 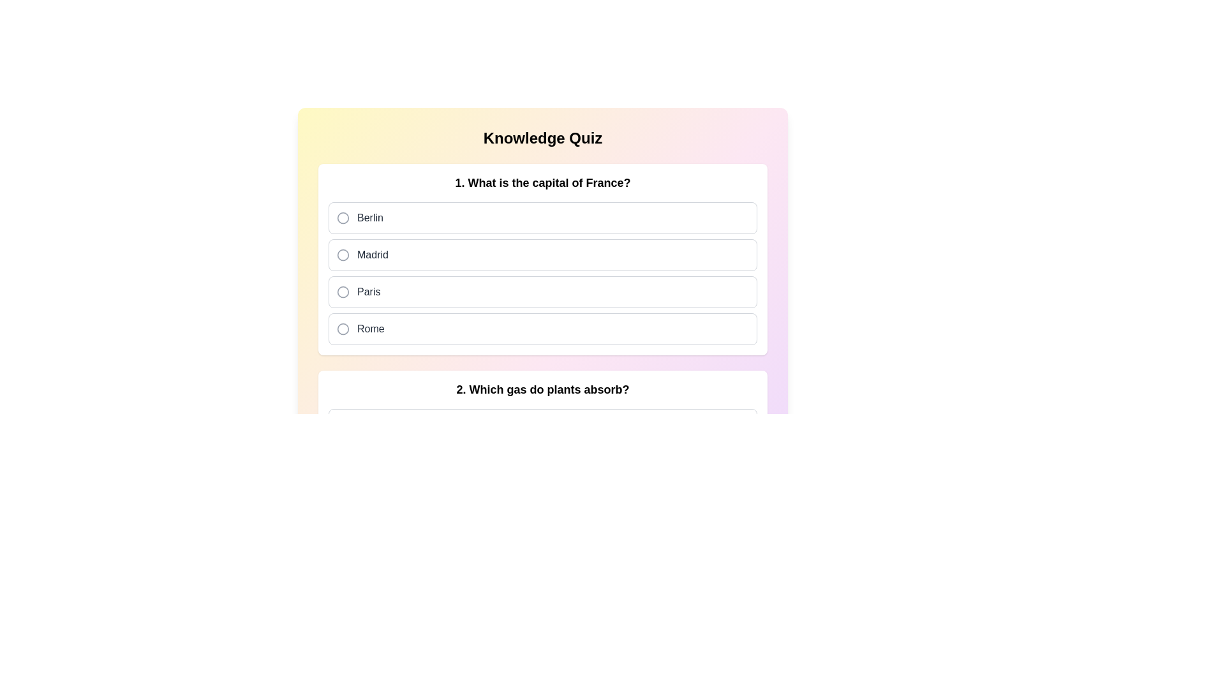 I want to click on the second radio button option in the vertical list of four choices below the question 'What is the capital of France?', so click(x=542, y=255).